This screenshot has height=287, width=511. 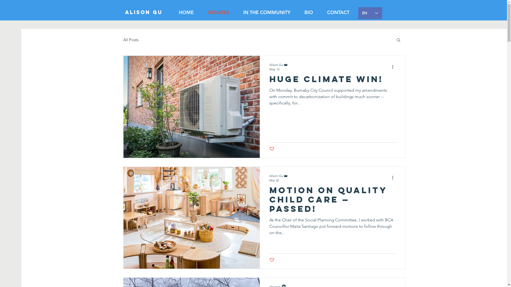 I want to click on 'All Posts', so click(x=130, y=39).